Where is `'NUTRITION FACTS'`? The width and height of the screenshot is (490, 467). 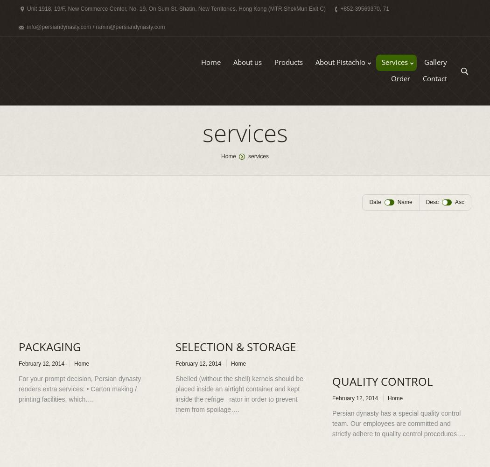 'NUTRITION FACTS' is located at coordinates (346, 98).